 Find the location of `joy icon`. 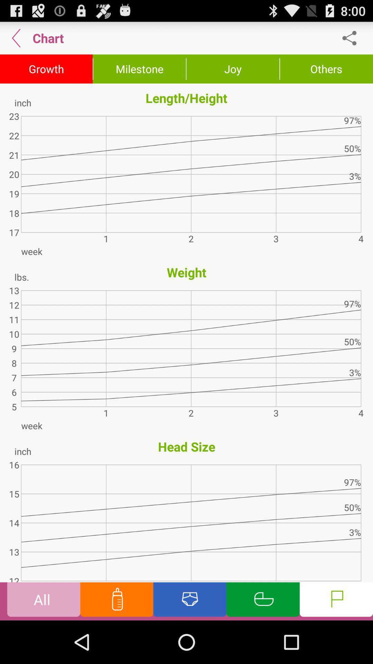

joy icon is located at coordinates (233, 69).